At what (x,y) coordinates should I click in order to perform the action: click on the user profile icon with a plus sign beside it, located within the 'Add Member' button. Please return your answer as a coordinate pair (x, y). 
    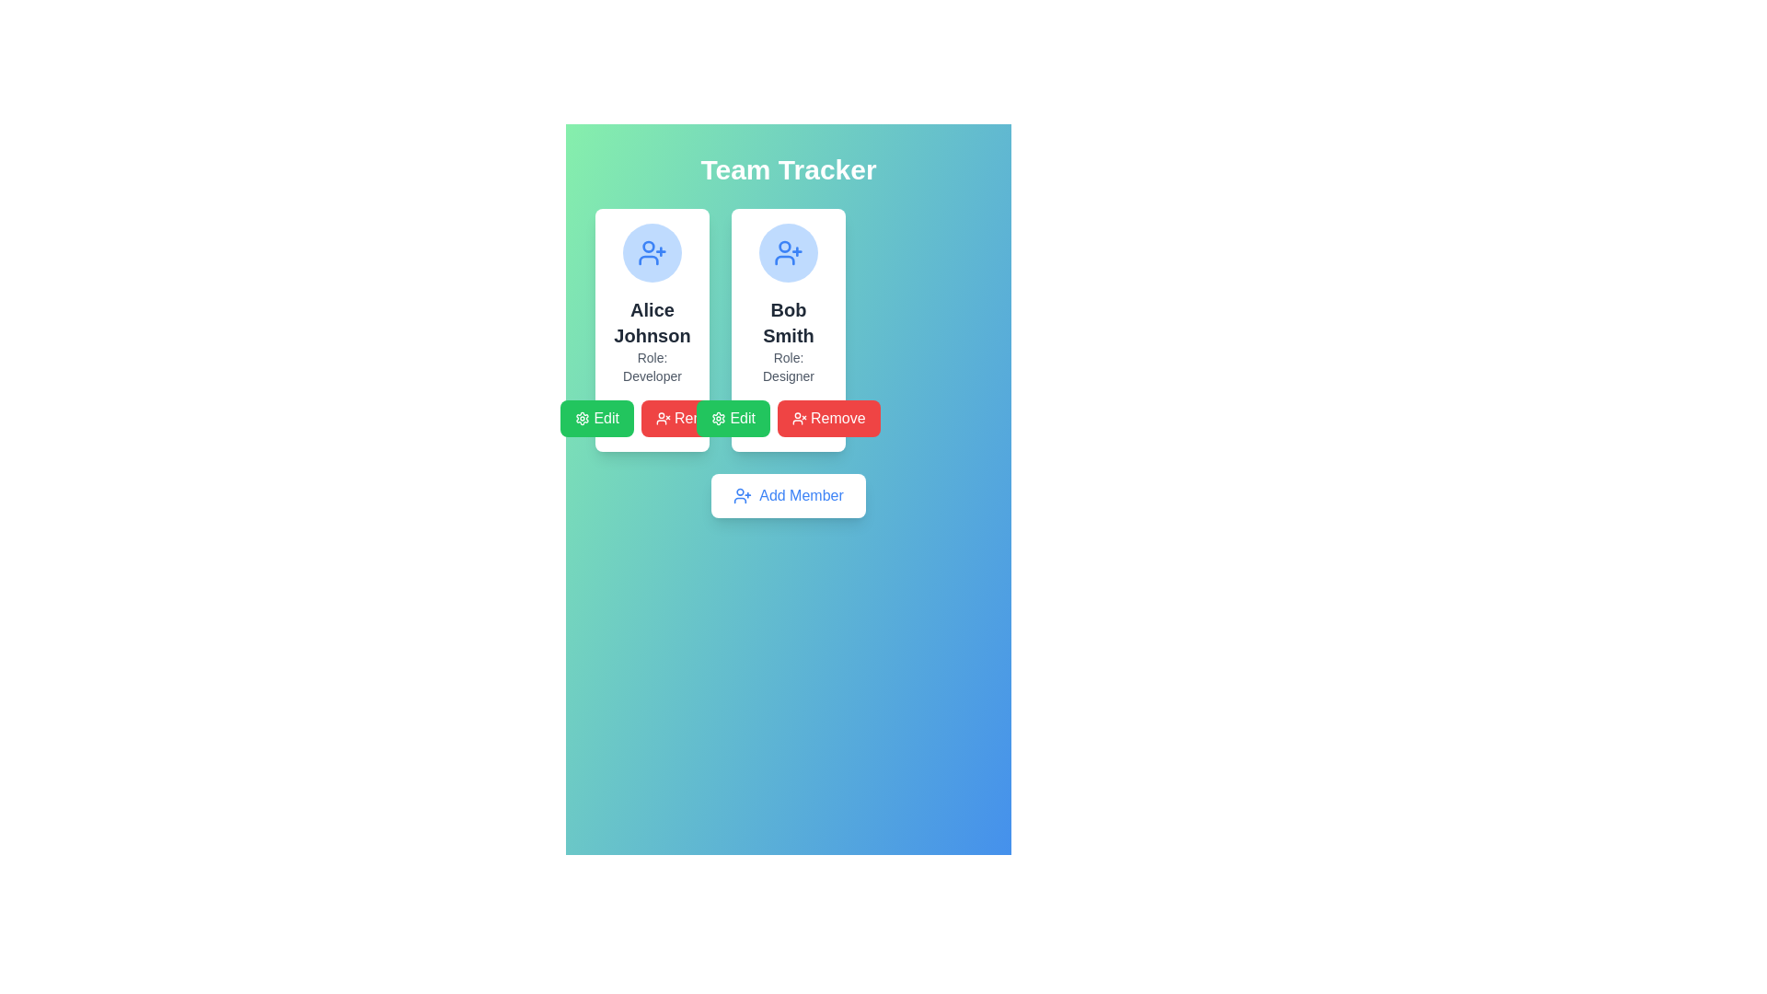
    Looking at the image, I should click on (743, 495).